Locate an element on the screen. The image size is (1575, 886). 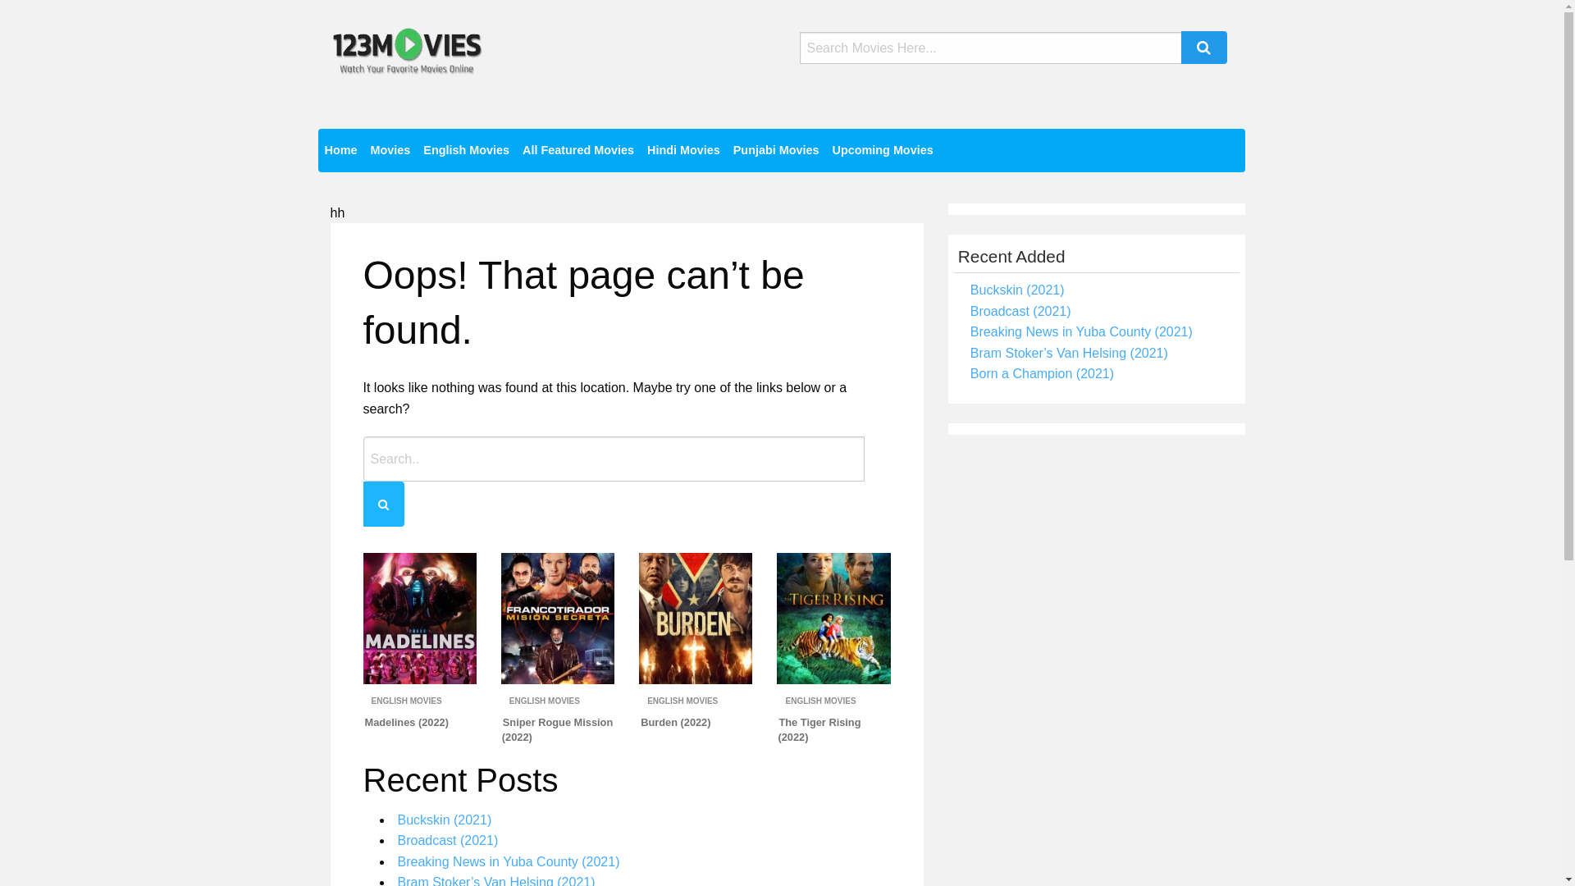
'ENGLISH MOVIES' is located at coordinates (405, 701).